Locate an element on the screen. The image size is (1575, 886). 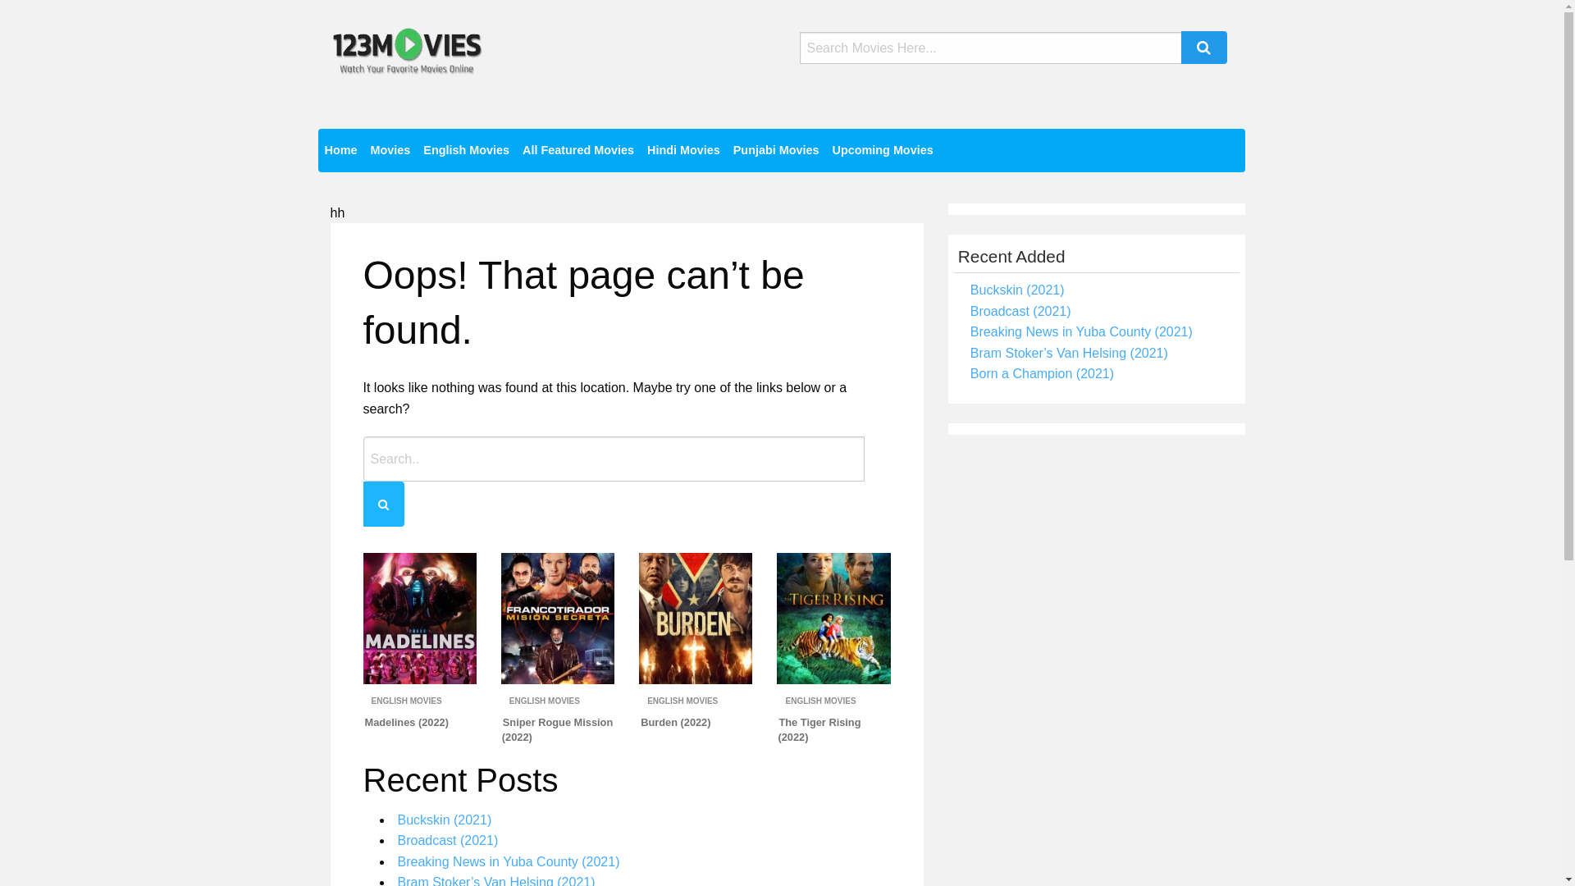
'ENGLISH MOVIES' is located at coordinates (405, 701).